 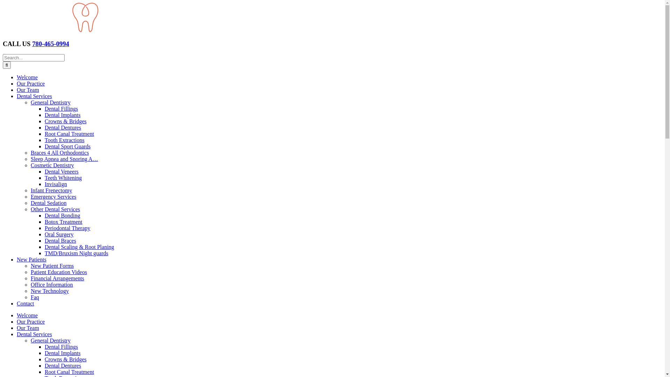 I want to click on 'Root Canal Treatment', so click(x=44, y=134).